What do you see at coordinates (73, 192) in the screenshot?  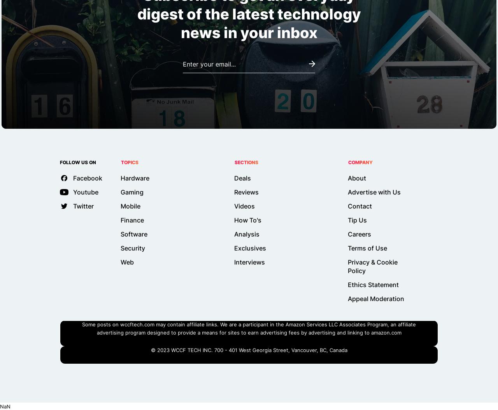 I see `'Youtube'` at bounding box center [73, 192].